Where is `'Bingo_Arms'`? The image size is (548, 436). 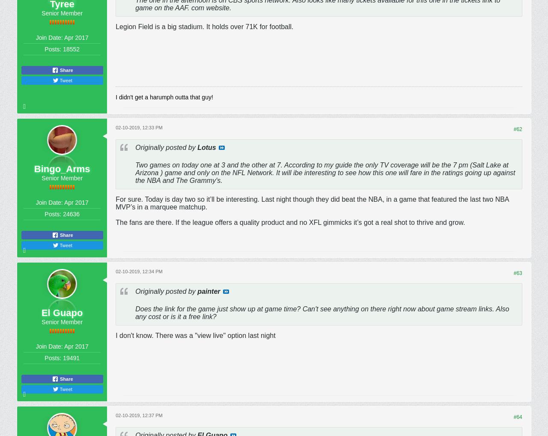
'Bingo_Arms' is located at coordinates (61, 168).